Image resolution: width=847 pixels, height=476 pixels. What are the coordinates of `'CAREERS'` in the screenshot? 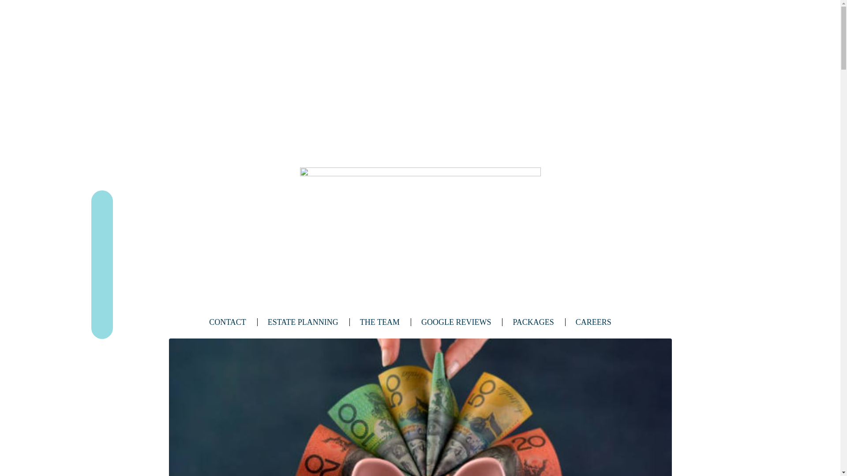 It's located at (599, 322).